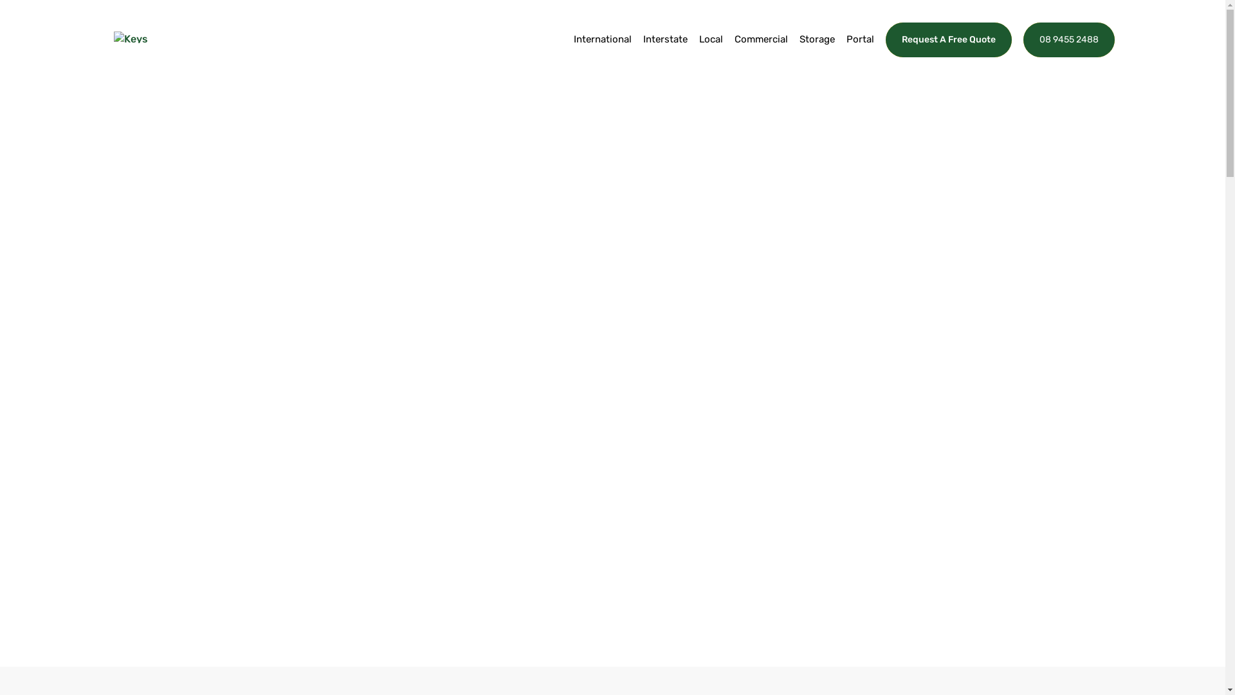 Image resolution: width=1235 pixels, height=695 pixels. What do you see at coordinates (1068, 39) in the screenshot?
I see `'08 9455 2488'` at bounding box center [1068, 39].